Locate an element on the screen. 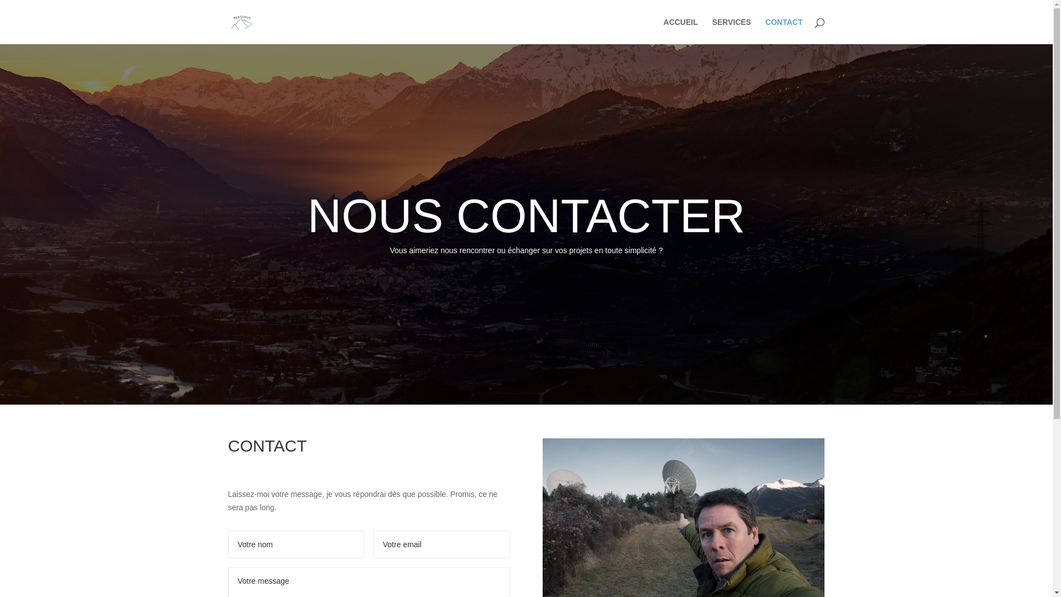 The height and width of the screenshot is (597, 1061). 'ACCUEIL' is located at coordinates (663, 30).